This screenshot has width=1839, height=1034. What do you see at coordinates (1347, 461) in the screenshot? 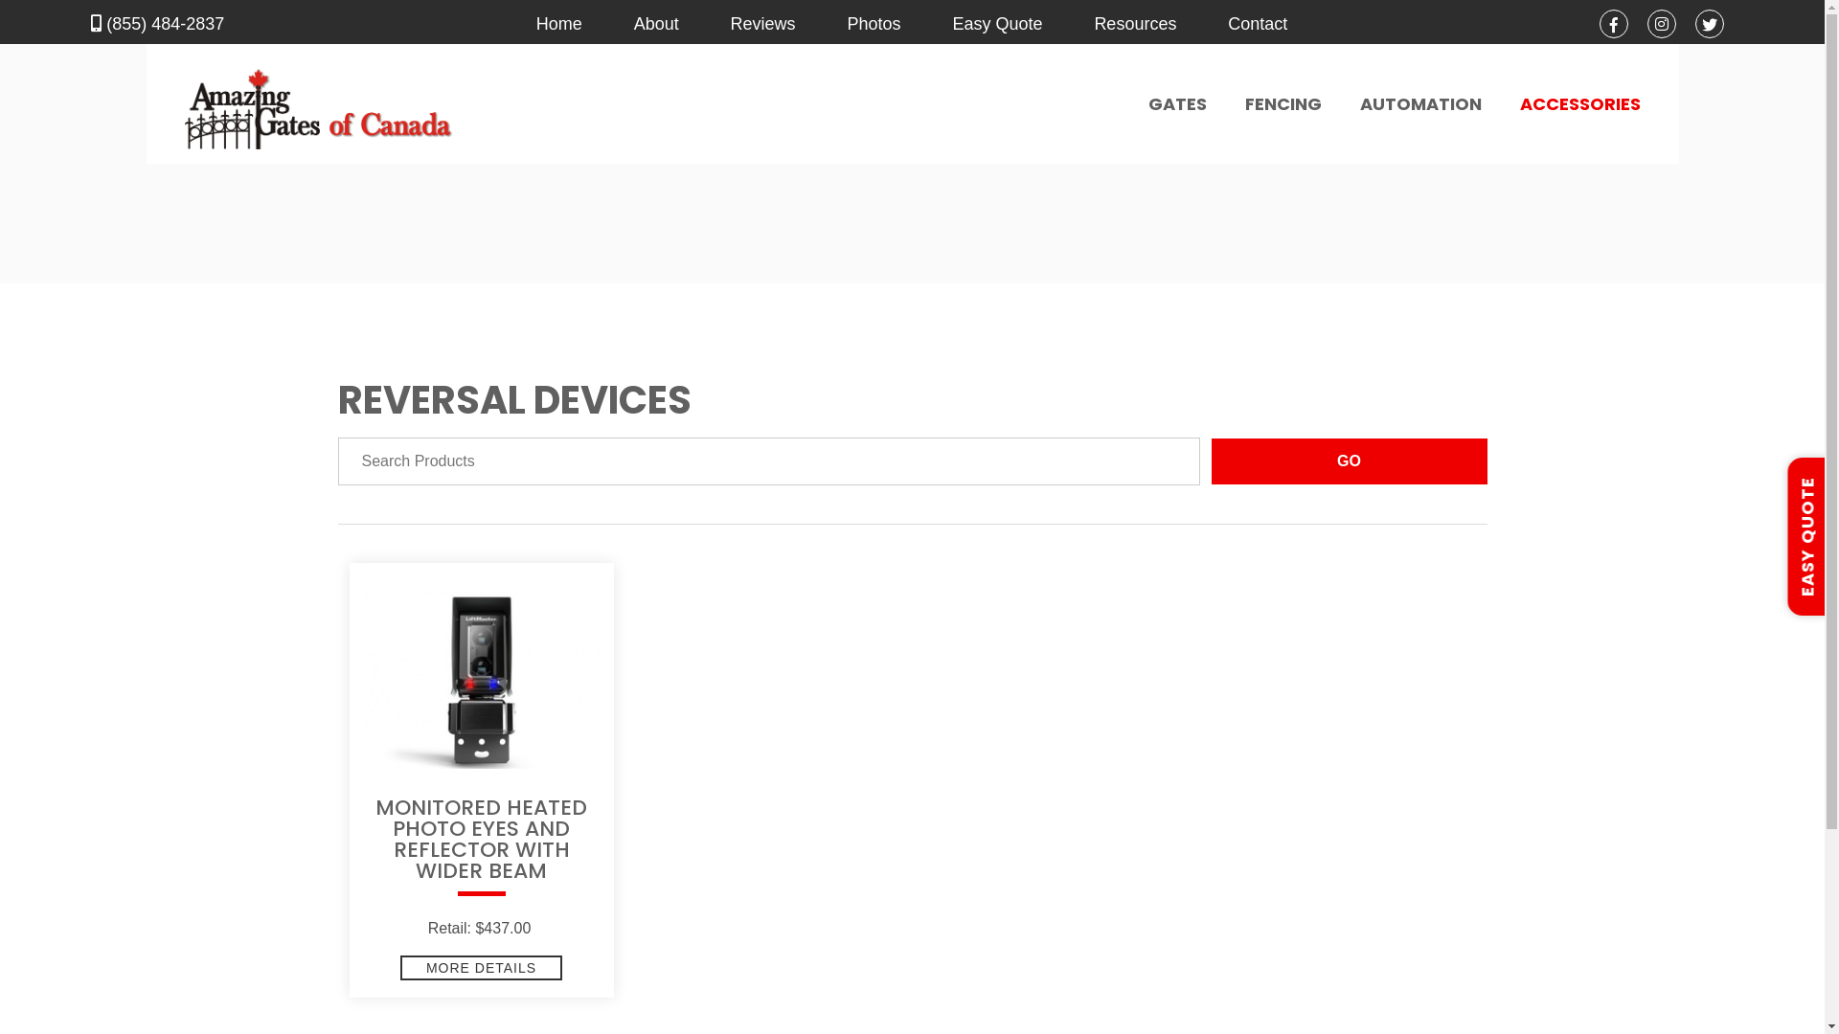
I see `'Go'` at bounding box center [1347, 461].